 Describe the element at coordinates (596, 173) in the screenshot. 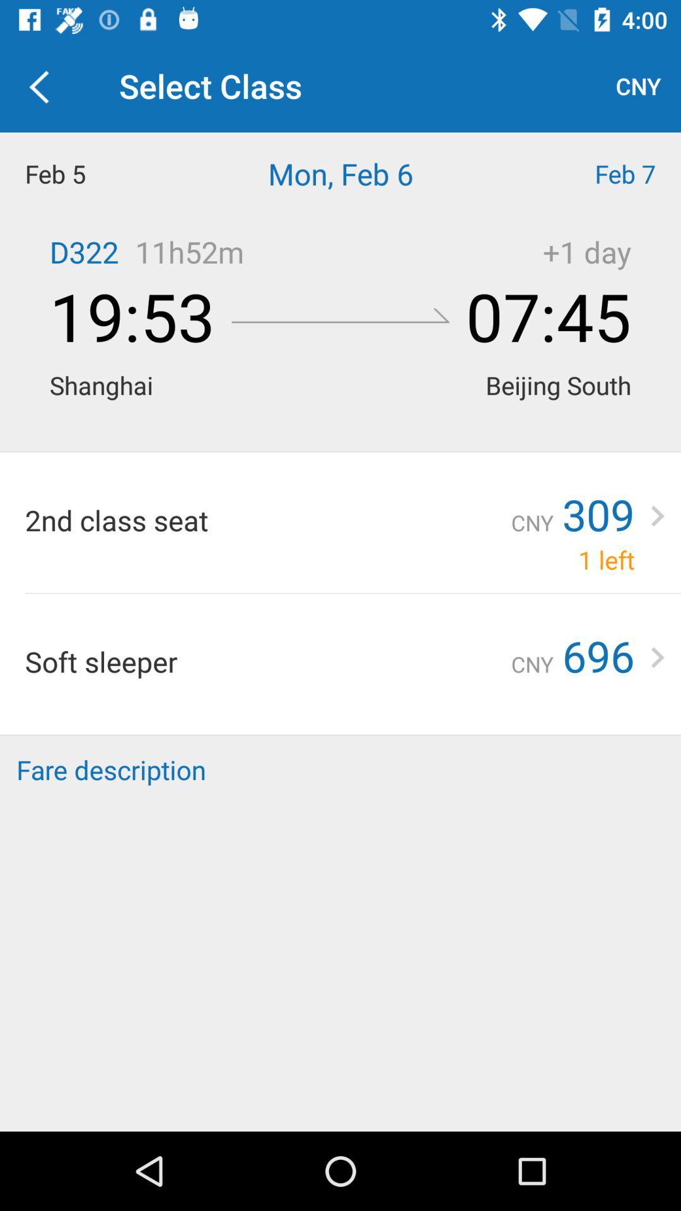

I see `the icon below the cny` at that location.